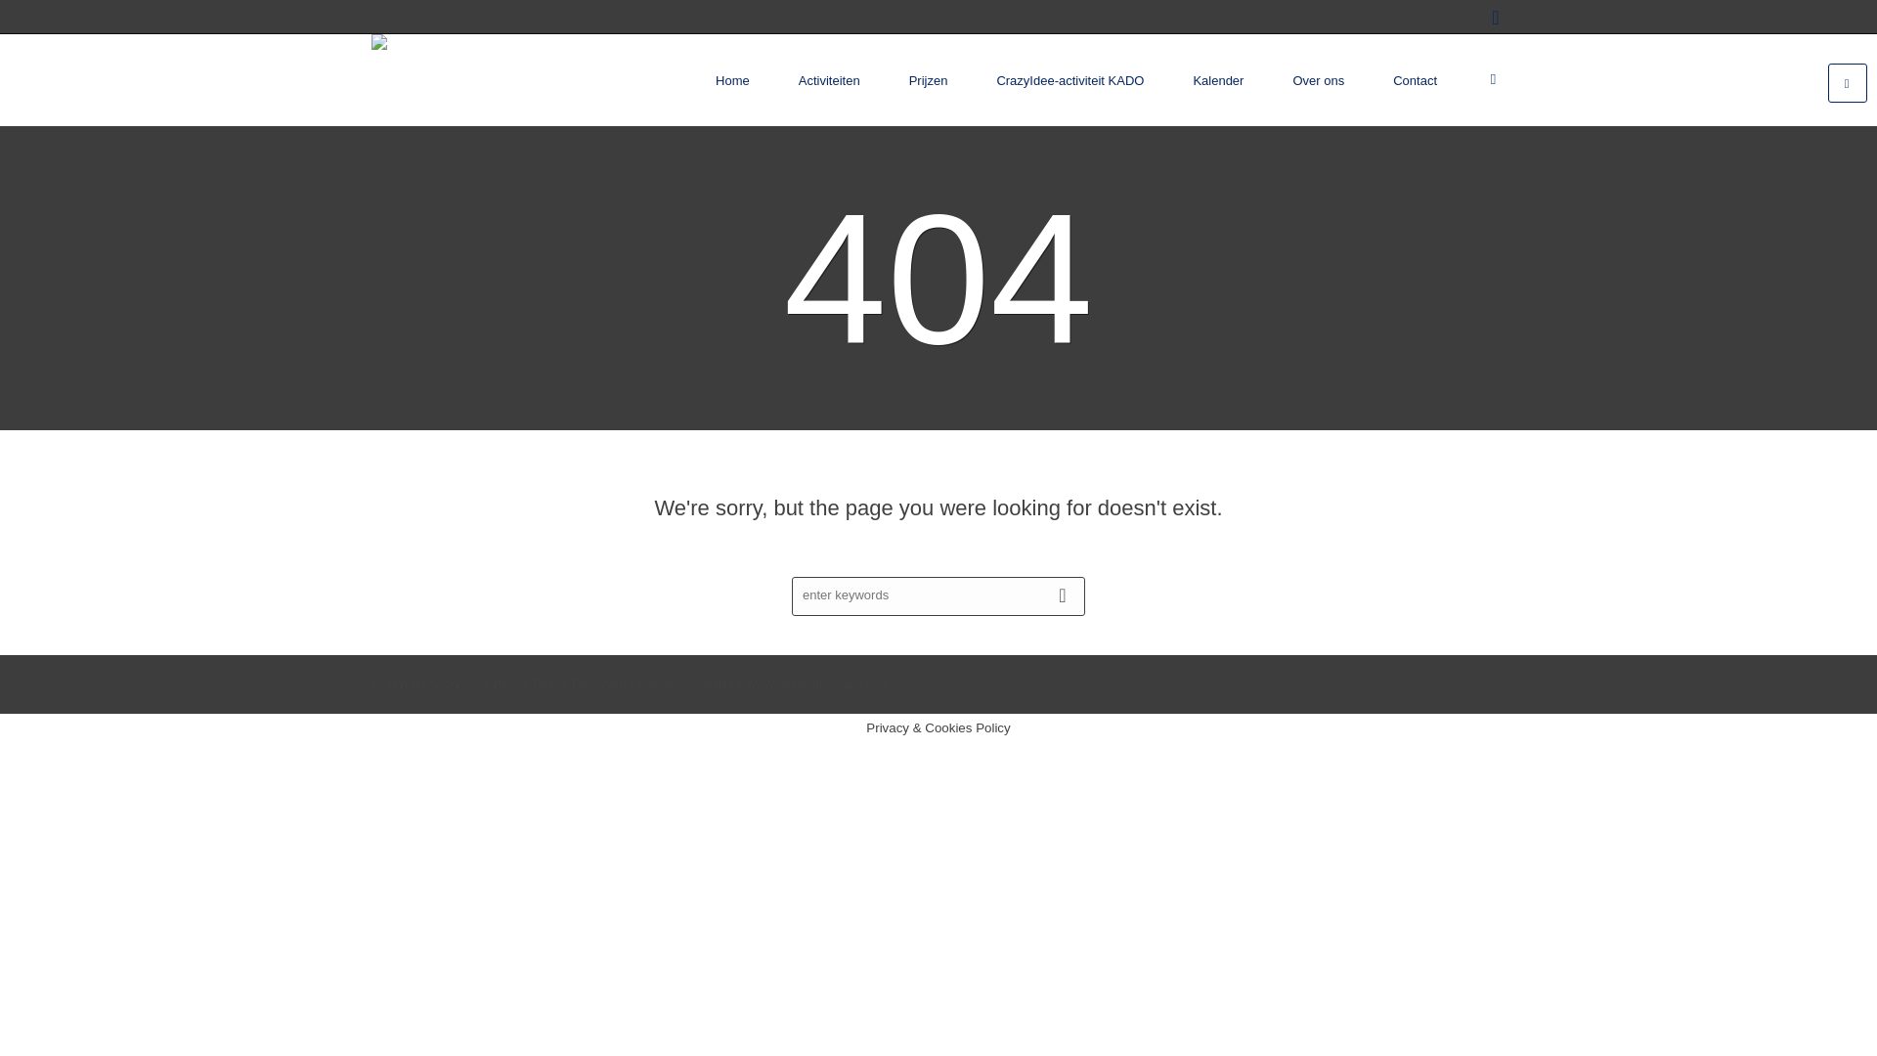 The width and height of the screenshot is (1877, 1056). What do you see at coordinates (1318, 79) in the screenshot?
I see `'Over ons'` at bounding box center [1318, 79].